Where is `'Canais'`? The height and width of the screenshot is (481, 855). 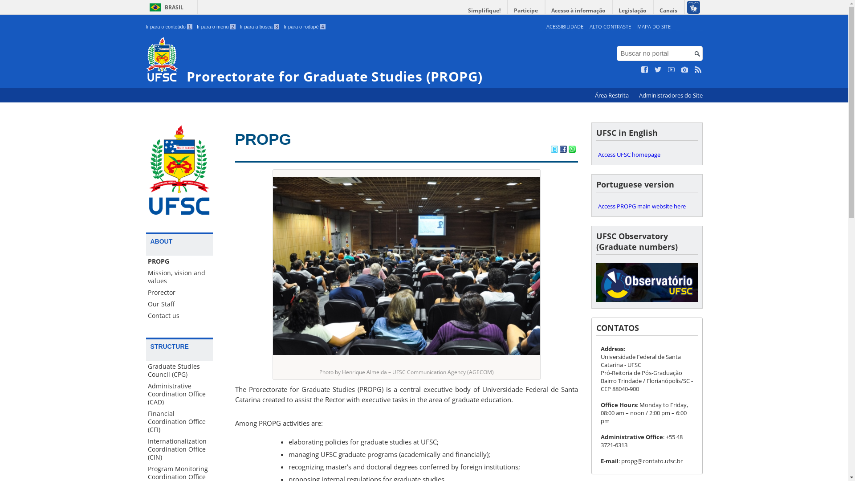 'Canais' is located at coordinates (669, 10).